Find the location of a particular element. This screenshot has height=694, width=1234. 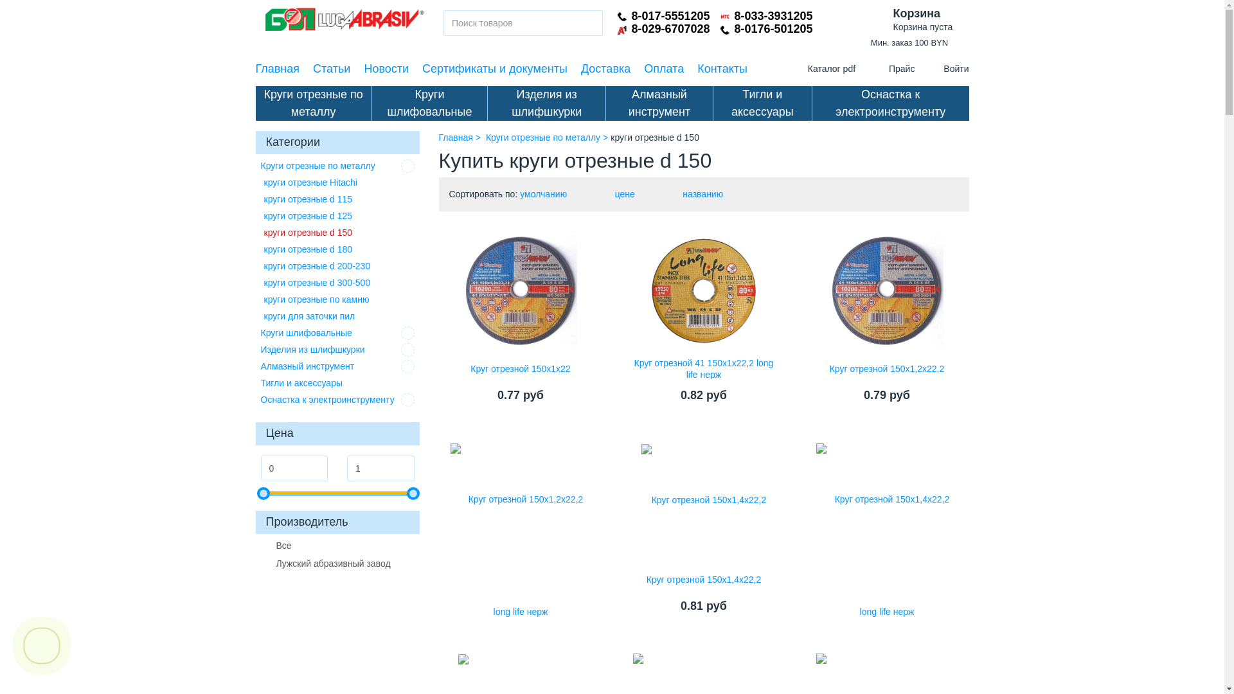

'8-029-6707028' is located at coordinates (668, 29).